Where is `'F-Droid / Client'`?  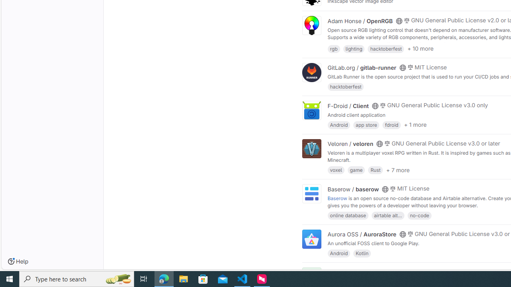
'F-Droid / Client' is located at coordinates (348, 105).